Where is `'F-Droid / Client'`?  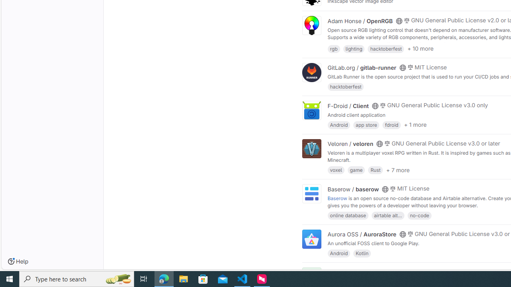
'F-Droid / Client' is located at coordinates (348, 105).